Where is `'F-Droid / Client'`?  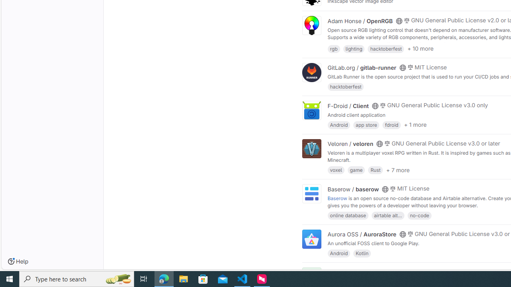
'F-Droid / Client' is located at coordinates (348, 105).